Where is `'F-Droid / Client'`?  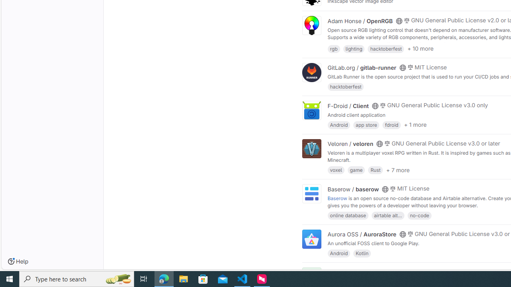
'F-Droid / Client' is located at coordinates (348, 105).